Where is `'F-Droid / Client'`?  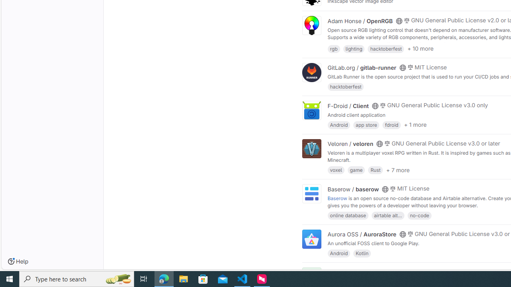
'F-Droid / Client' is located at coordinates (348, 105).